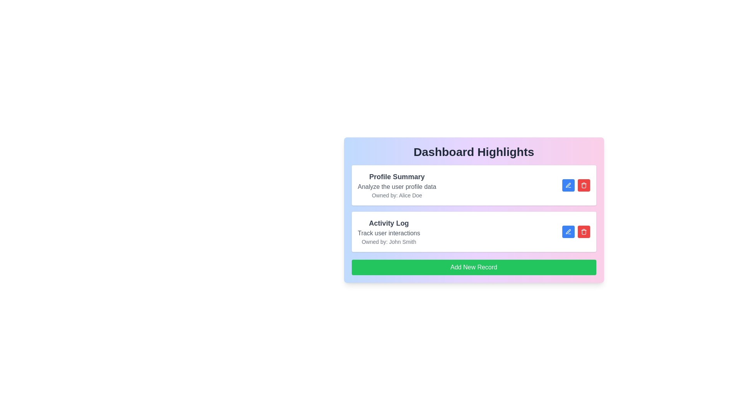 Image resolution: width=743 pixels, height=418 pixels. Describe the element at coordinates (473, 267) in the screenshot. I see `the 'Add New Record' button, which has a green background and white text, located at the bottom of the 'Dashboard Highlights' panel` at that location.